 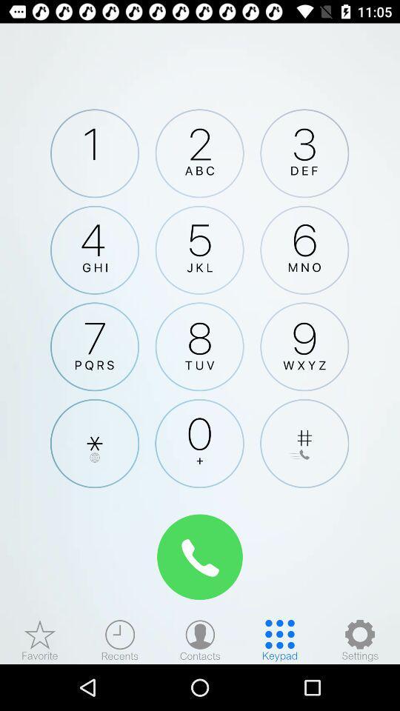 I want to click on 4, so click(x=95, y=250).